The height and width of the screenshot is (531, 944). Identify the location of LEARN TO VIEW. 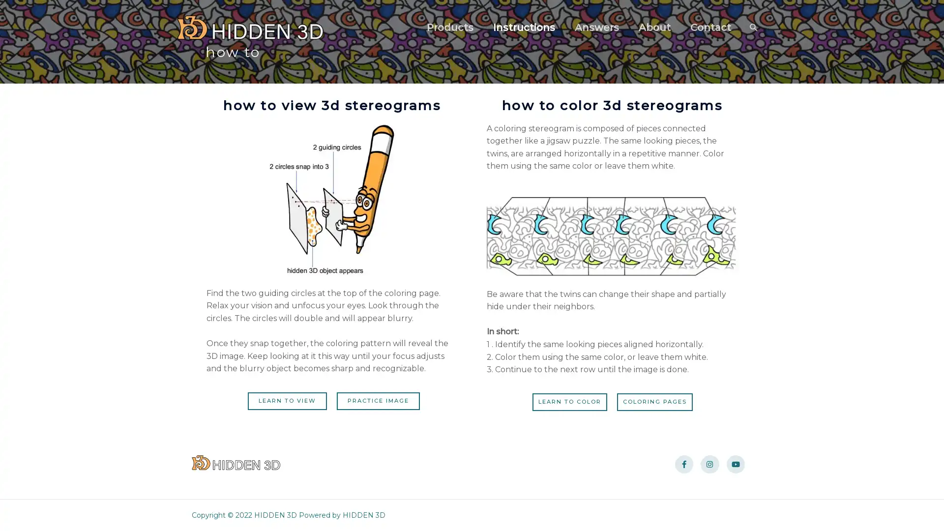
(284, 400).